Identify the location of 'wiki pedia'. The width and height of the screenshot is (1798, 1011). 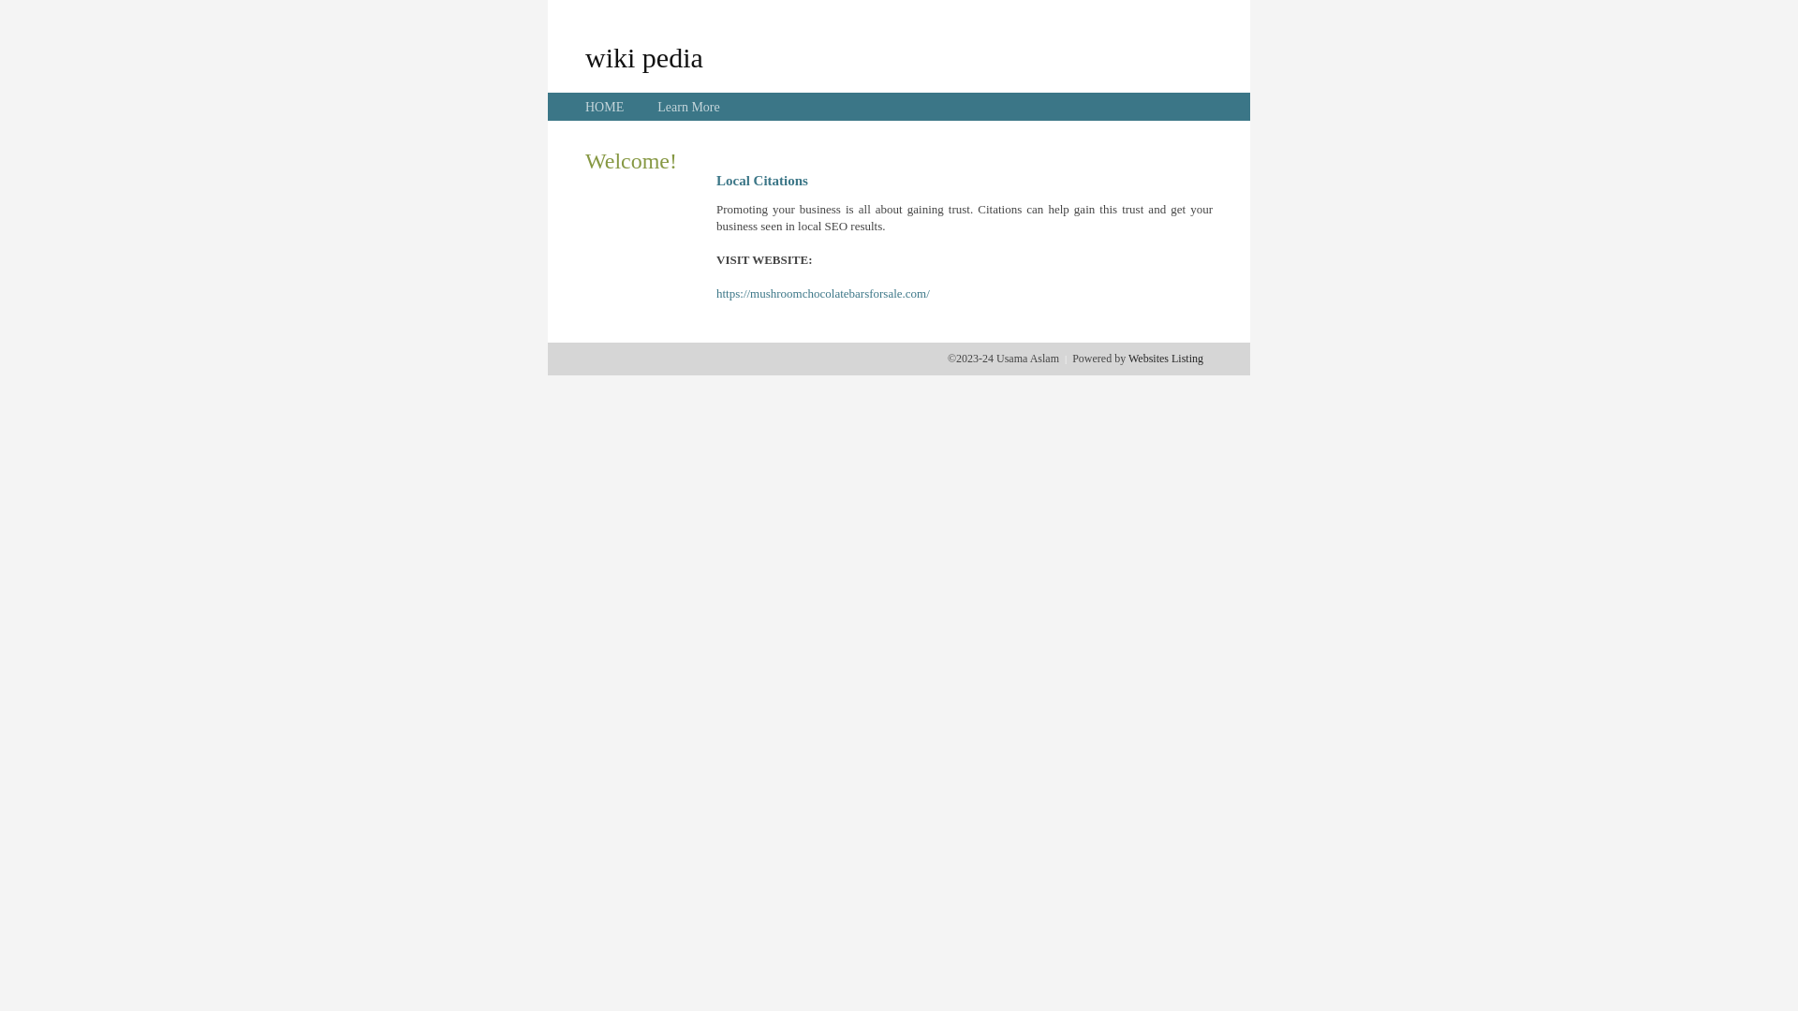
(643, 56).